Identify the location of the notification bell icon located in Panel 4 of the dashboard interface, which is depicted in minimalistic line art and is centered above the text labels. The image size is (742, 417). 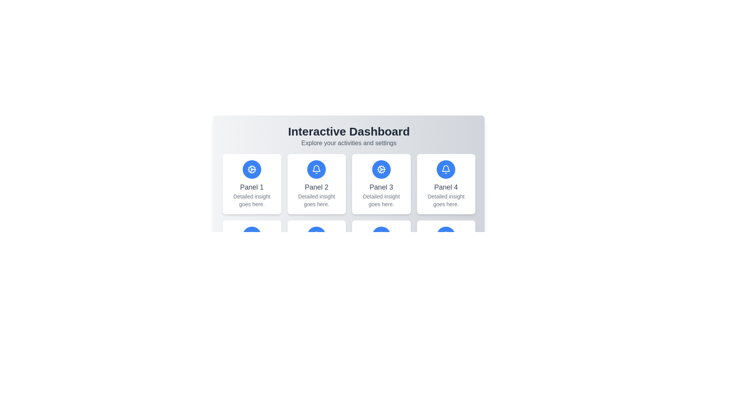
(317, 168).